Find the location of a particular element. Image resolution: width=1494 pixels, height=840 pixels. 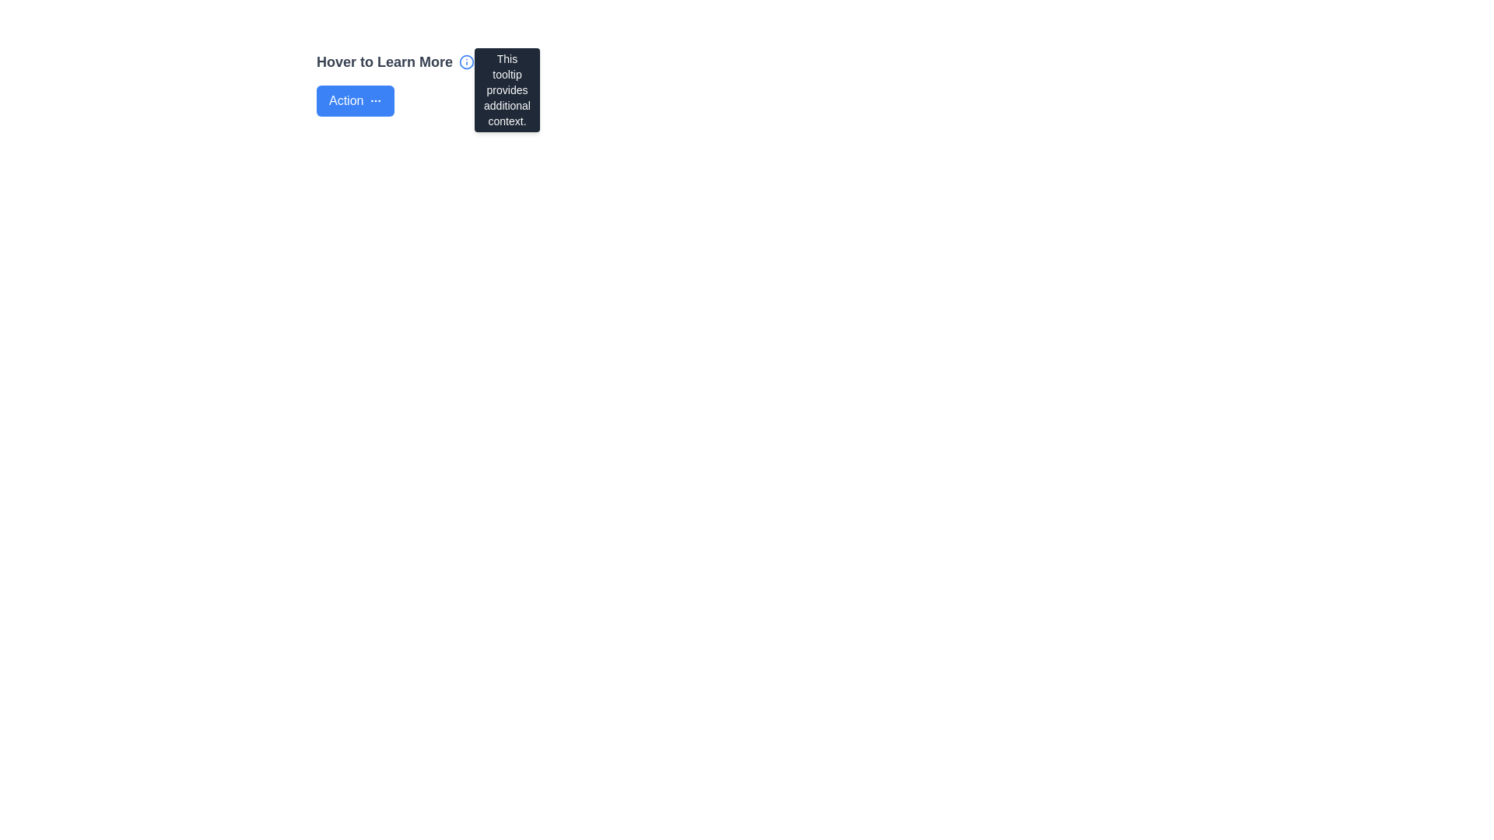

the blue circular information icon with an 'i' inside it, located to the right of the text 'Hover to Learn More' is located at coordinates (466, 61).